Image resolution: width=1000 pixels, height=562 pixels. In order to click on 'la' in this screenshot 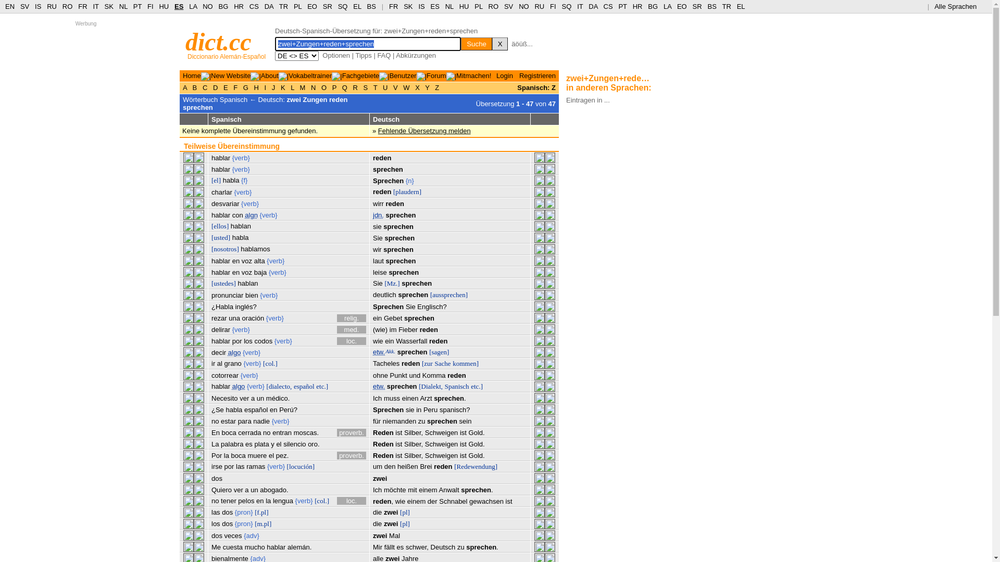, I will do `click(223, 455)`.